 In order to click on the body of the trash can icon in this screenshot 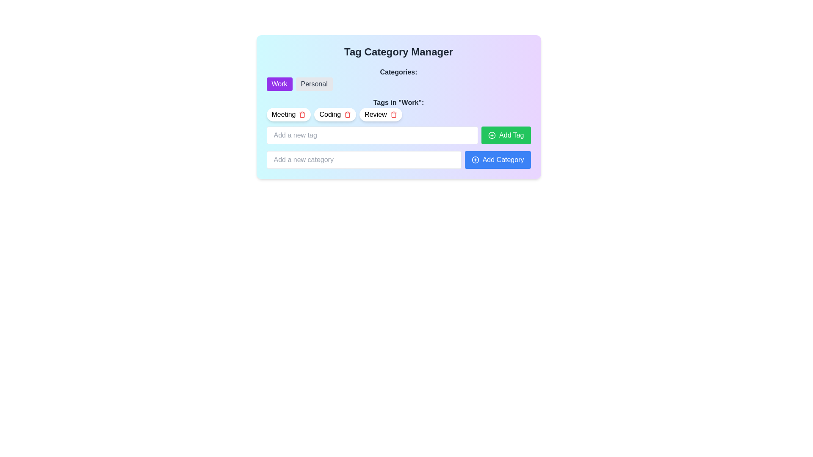, I will do `click(302, 115)`.